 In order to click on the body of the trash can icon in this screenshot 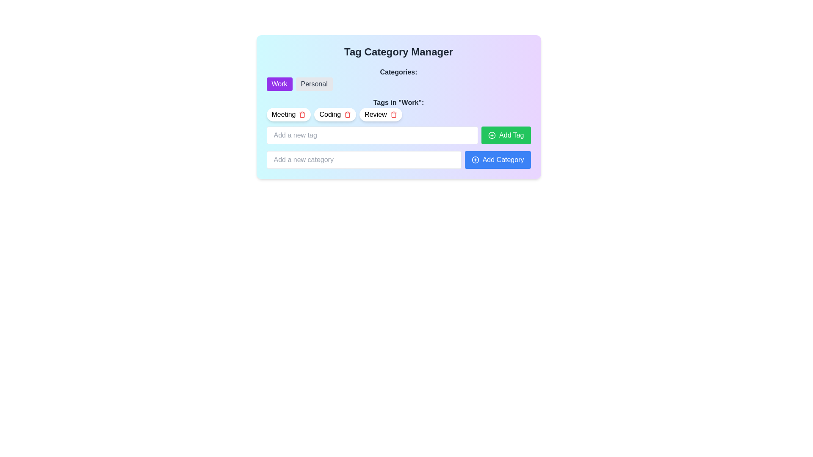, I will do `click(302, 115)`.